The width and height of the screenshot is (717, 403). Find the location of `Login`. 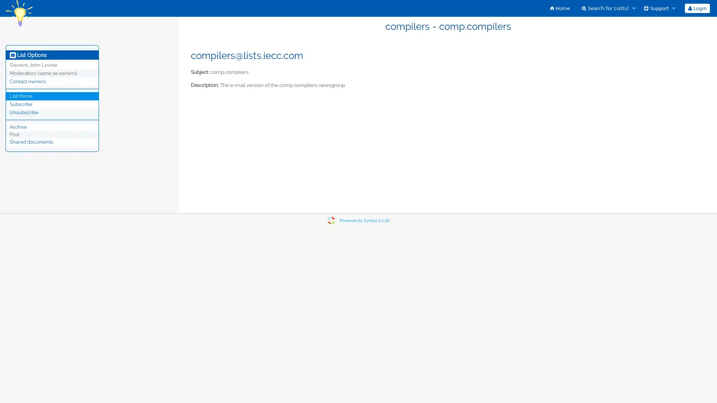

Login is located at coordinates (696, 8).